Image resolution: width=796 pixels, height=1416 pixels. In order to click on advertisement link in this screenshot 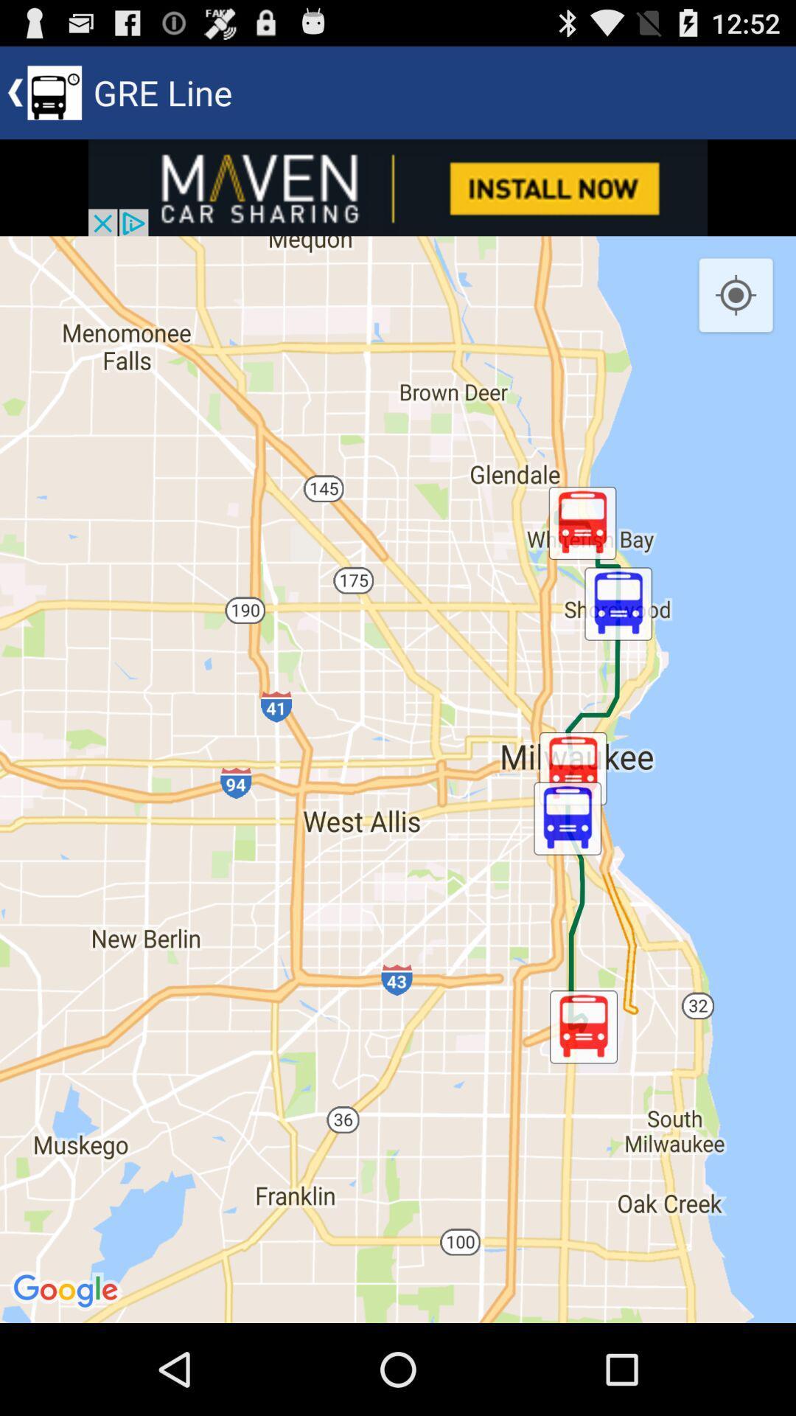, I will do `click(398, 187)`.